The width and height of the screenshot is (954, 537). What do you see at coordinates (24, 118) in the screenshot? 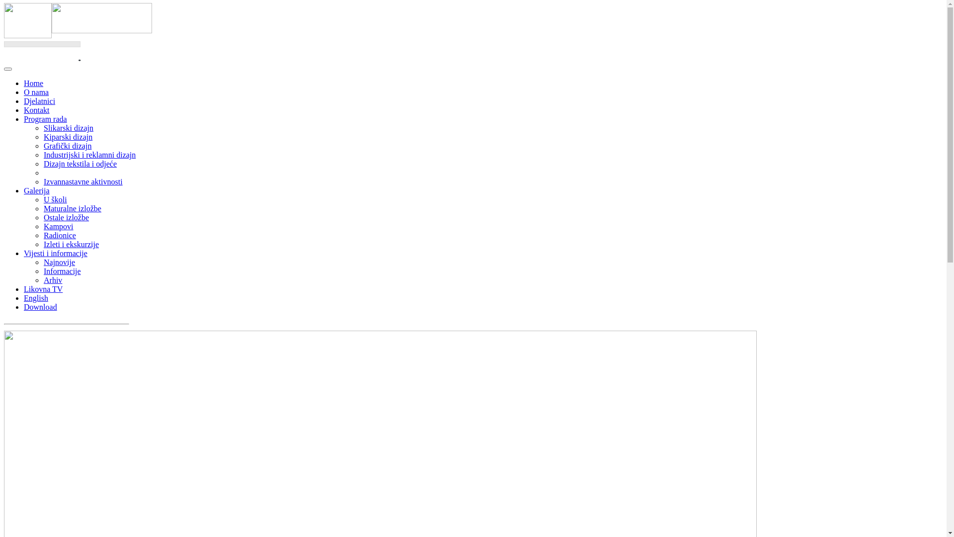
I see `'Program rada'` at bounding box center [24, 118].